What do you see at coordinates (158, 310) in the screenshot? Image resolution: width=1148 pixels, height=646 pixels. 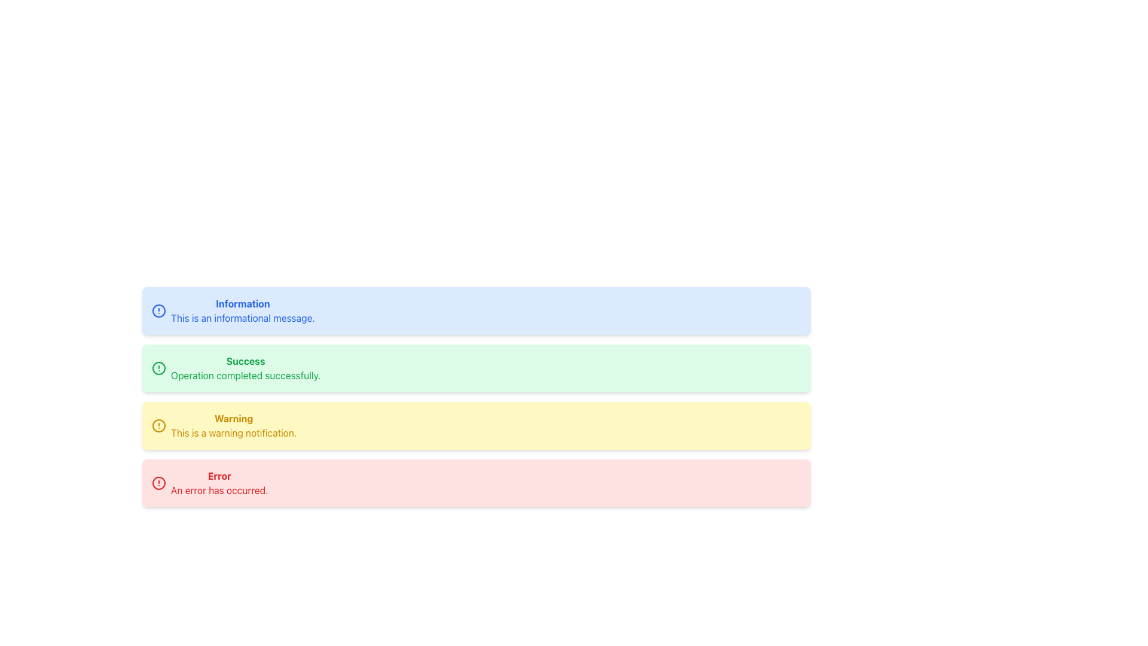 I see `the small circle with a blue border located within the 'Information' notification icon` at bounding box center [158, 310].